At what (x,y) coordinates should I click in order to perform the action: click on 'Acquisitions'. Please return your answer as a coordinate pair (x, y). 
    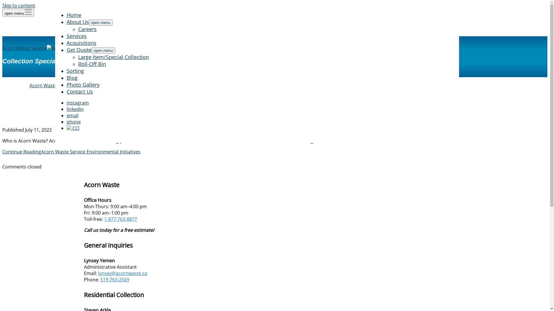
    Looking at the image, I should click on (66, 43).